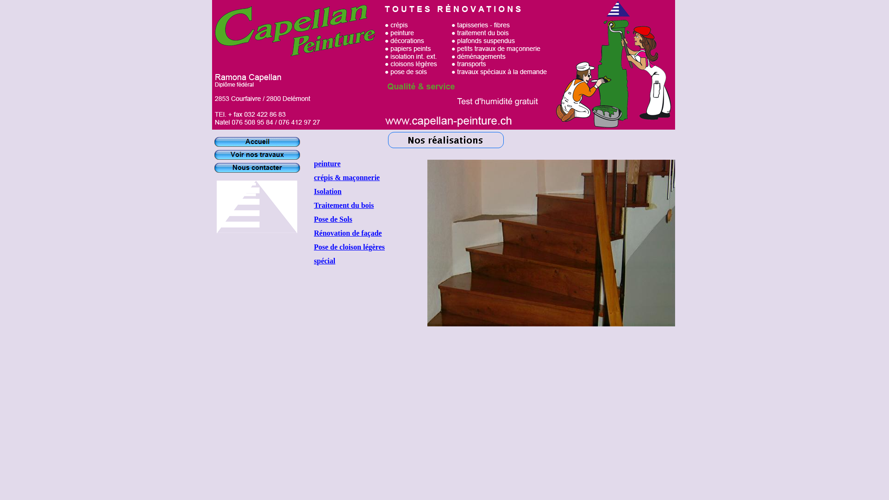  I want to click on 'Voir nos travaux', so click(257, 154).